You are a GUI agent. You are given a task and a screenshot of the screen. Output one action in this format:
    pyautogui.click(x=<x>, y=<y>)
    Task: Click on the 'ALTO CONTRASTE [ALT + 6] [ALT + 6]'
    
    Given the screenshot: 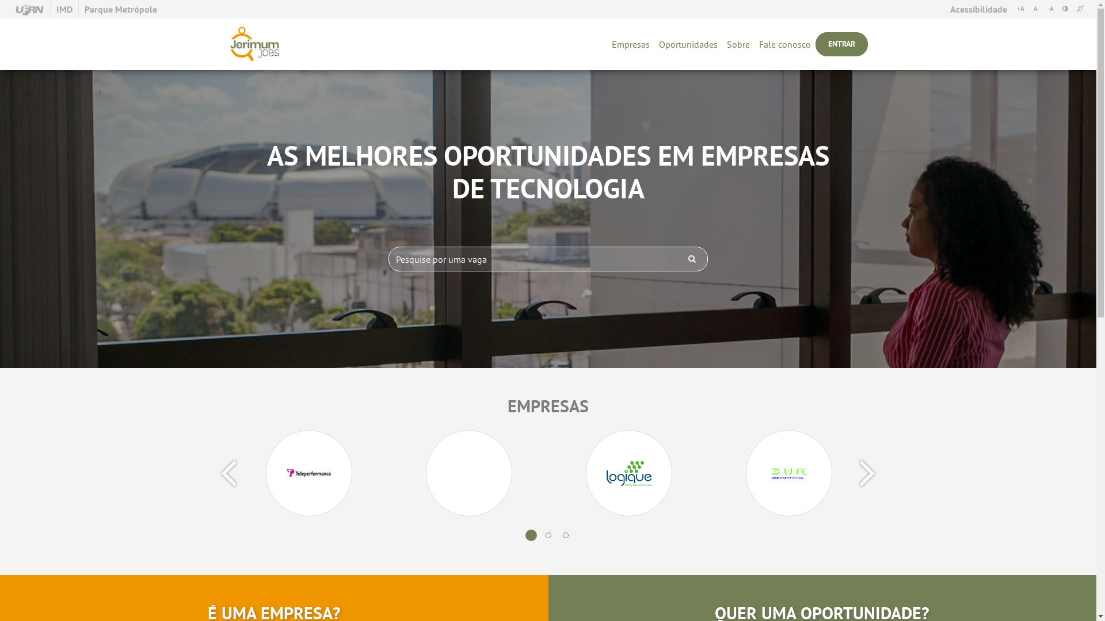 What is the action you would take?
    pyautogui.click(x=1065, y=9)
    